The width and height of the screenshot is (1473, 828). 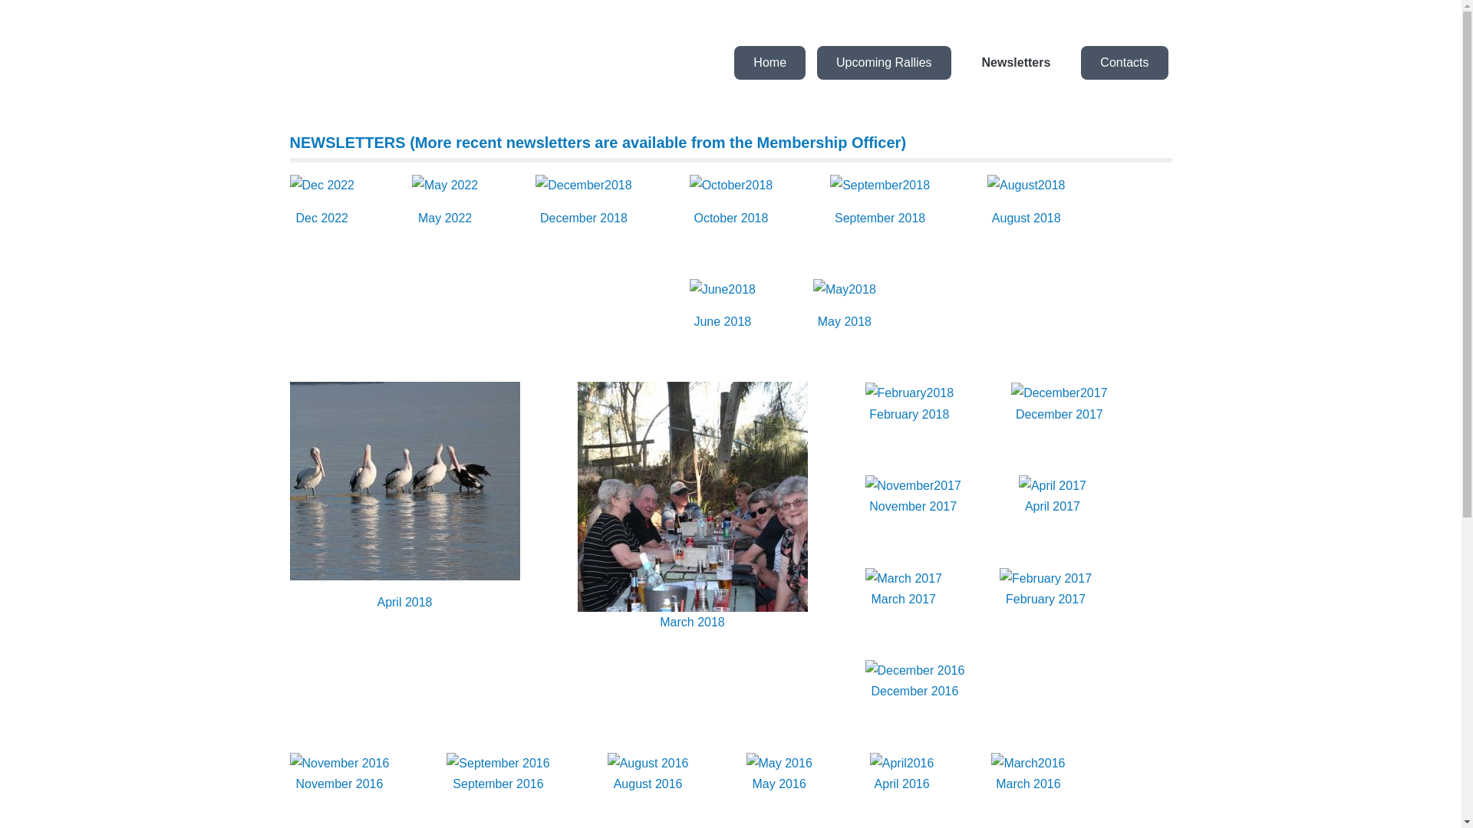 I want to click on 'August 2018', so click(x=1026, y=218).